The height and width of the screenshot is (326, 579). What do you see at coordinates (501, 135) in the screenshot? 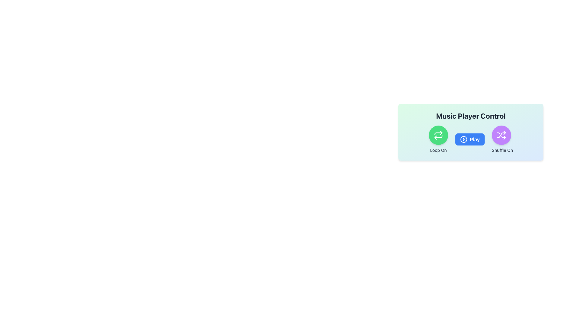
I see `the circular purple button with a white shuffle icon` at bounding box center [501, 135].